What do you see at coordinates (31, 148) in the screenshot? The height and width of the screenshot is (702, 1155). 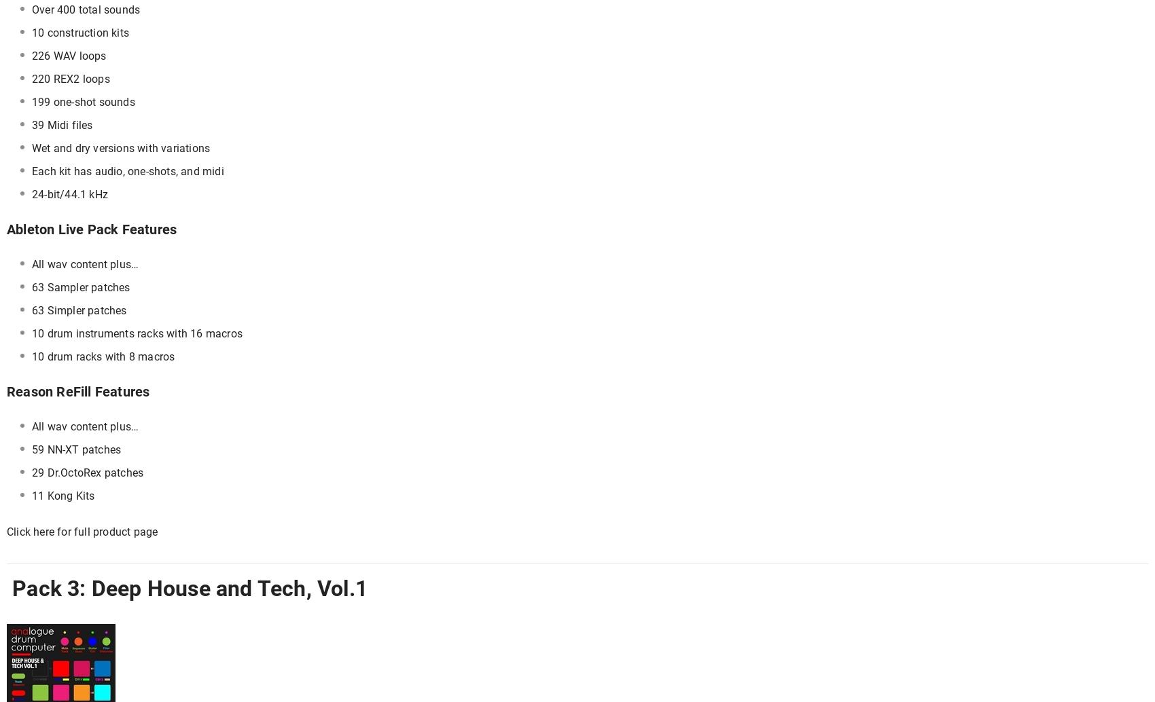 I see `'Wet and dry versions with variations'` at bounding box center [31, 148].